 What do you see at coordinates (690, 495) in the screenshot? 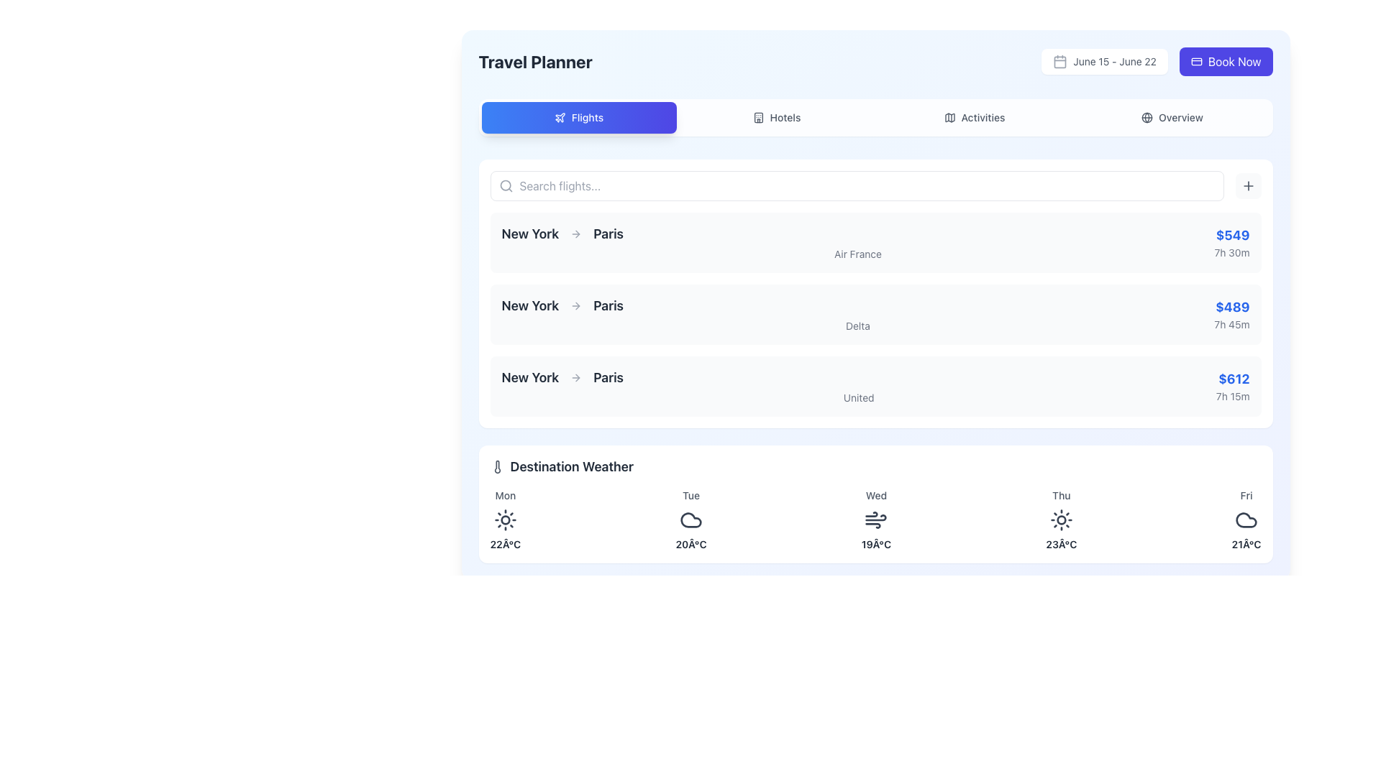
I see `the text label representing the second day of the summarized weather forecast, which is positioned directly above a weather icon and temperature` at bounding box center [690, 495].